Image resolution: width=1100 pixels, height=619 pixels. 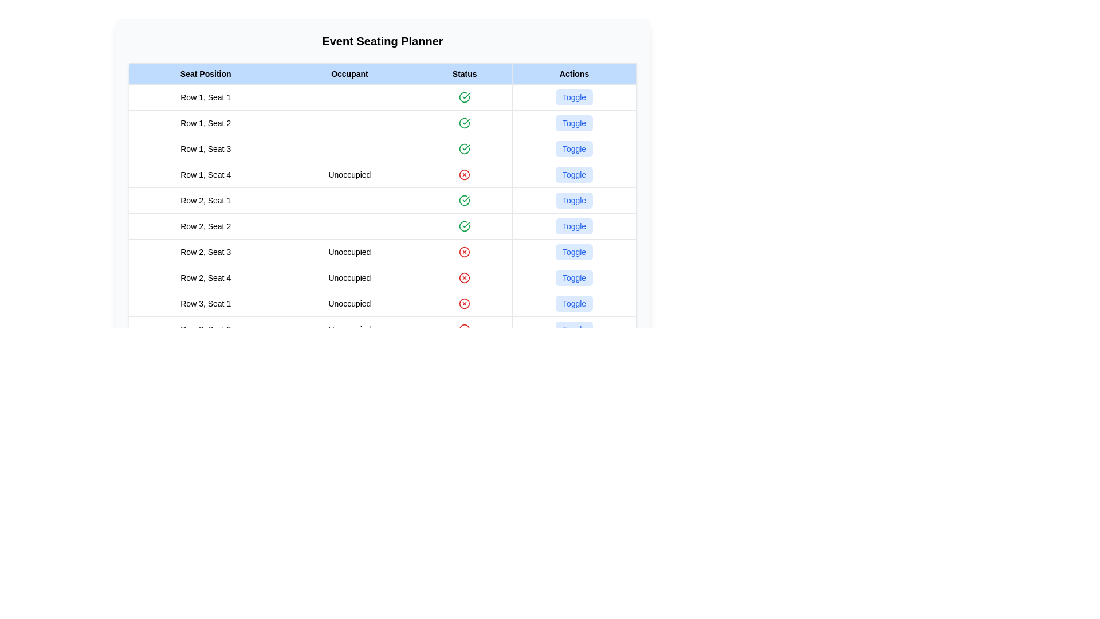 I want to click on on the first row of the event seating plan table, which includes information about Row 1, Seat 1, so click(x=382, y=96).